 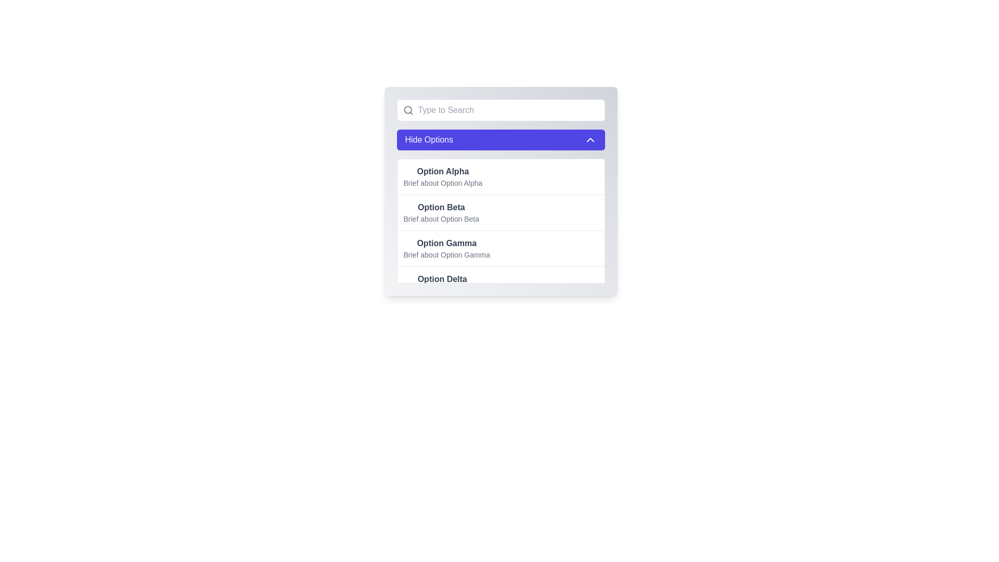 What do you see at coordinates (407, 110) in the screenshot?
I see `the search bar icon located at the leftmost position of the text input field, which serves as a visual cue for the search functionality` at bounding box center [407, 110].